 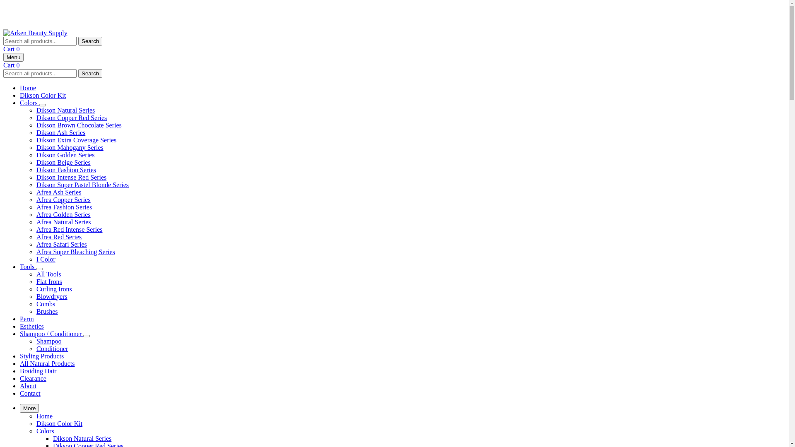 I want to click on 'More', so click(x=29, y=408).